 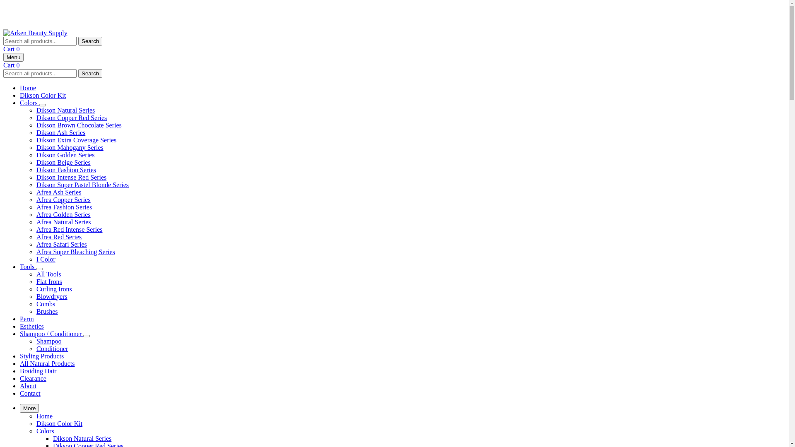 I want to click on 'More', so click(x=29, y=408).